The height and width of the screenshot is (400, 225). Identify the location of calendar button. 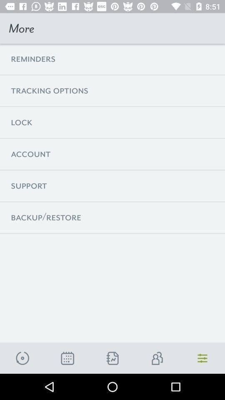
(67, 358).